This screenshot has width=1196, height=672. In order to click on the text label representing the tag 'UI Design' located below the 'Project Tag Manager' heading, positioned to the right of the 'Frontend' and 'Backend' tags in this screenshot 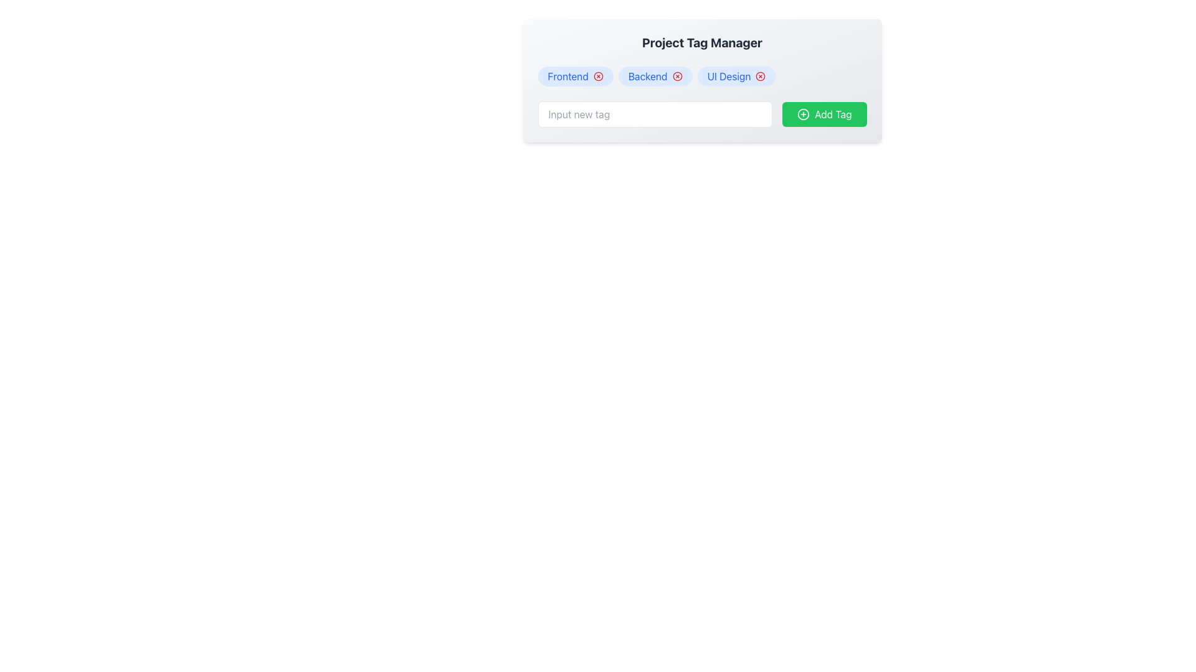, I will do `click(729, 77)`.